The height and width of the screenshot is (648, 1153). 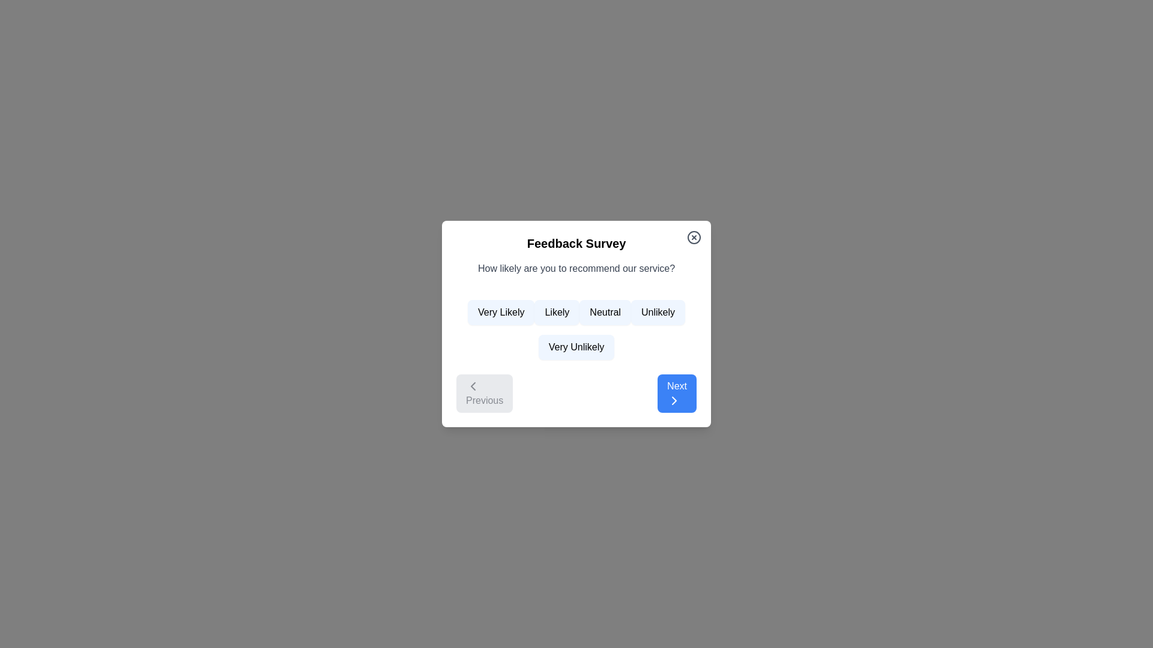 I want to click on the close button in the top-right corner of the survey form, which is represented by a circular SVG element with a cross at its center, so click(x=694, y=238).